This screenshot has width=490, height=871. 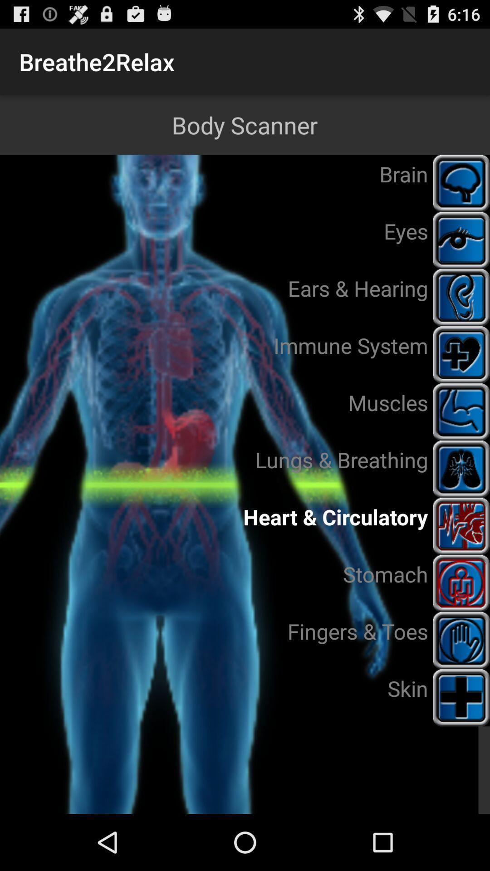 What do you see at coordinates (461, 411) in the screenshot?
I see `the muscles icon` at bounding box center [461, 411].